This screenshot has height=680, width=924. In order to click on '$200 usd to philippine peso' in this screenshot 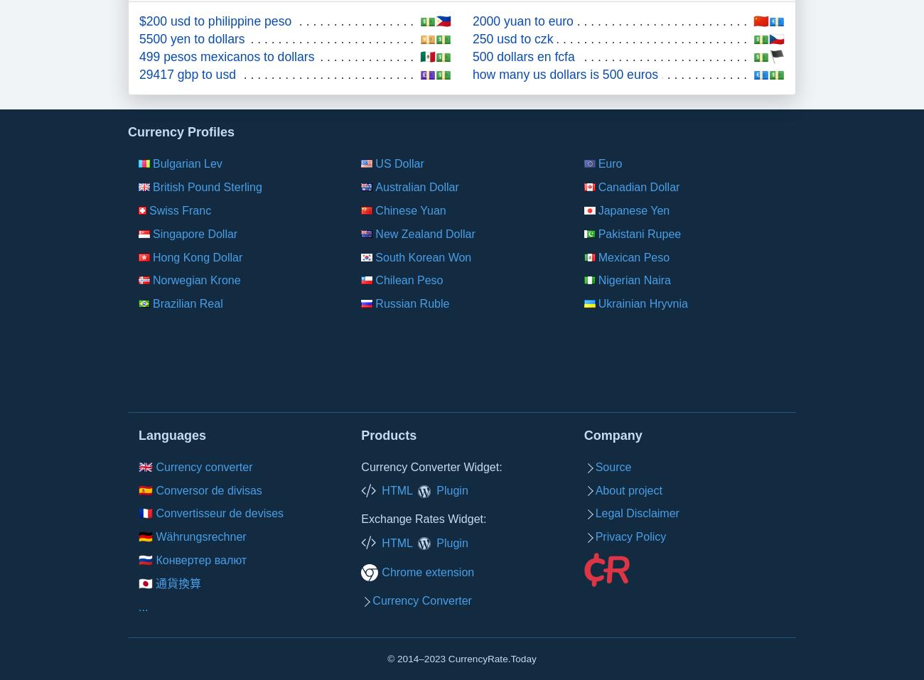, I will do `click(215, 19)`.